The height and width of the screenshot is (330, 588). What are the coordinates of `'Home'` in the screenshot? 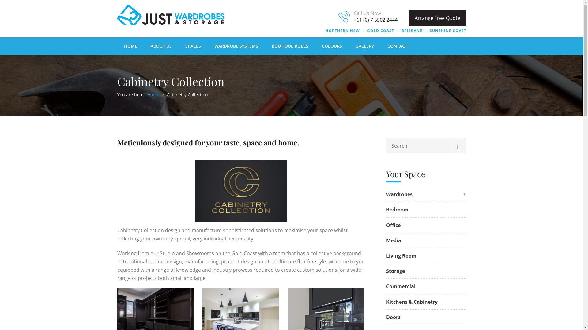 It's located at (153, 94).